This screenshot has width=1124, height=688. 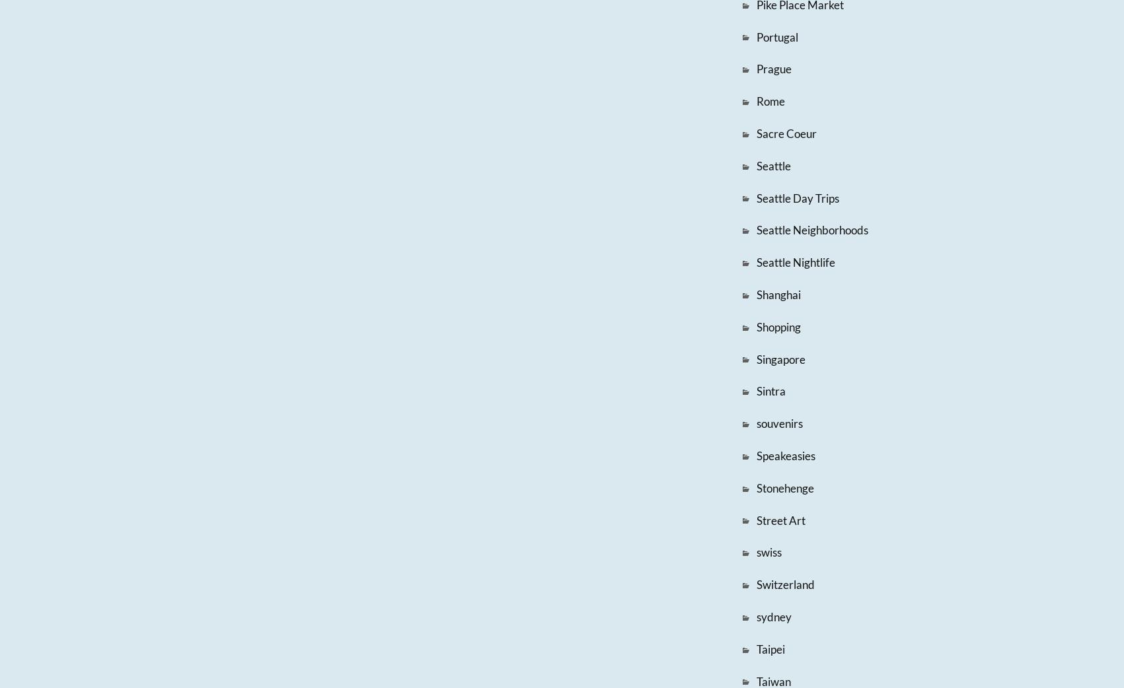 What do you see at coordinates (769, 648) in the screenshot?
I see `'Taipei'` at bounding box center [769, 648].